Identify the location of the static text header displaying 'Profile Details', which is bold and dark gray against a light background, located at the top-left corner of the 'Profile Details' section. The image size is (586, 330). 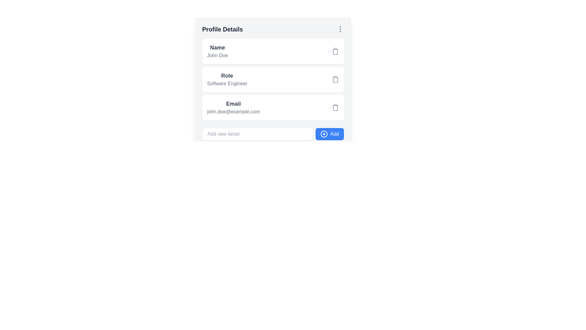
(222, 29).